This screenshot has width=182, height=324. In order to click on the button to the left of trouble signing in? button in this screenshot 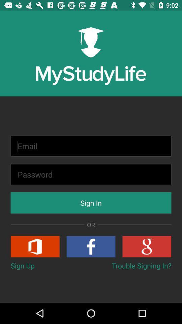, I will do `click(23, 266)`.